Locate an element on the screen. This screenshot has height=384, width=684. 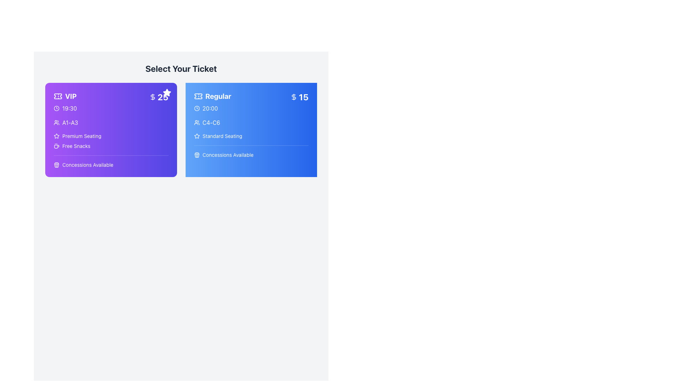
the small star-shaped icon in the top-right corner of the purple 'VIP' card is located at coordinates (166, 92).